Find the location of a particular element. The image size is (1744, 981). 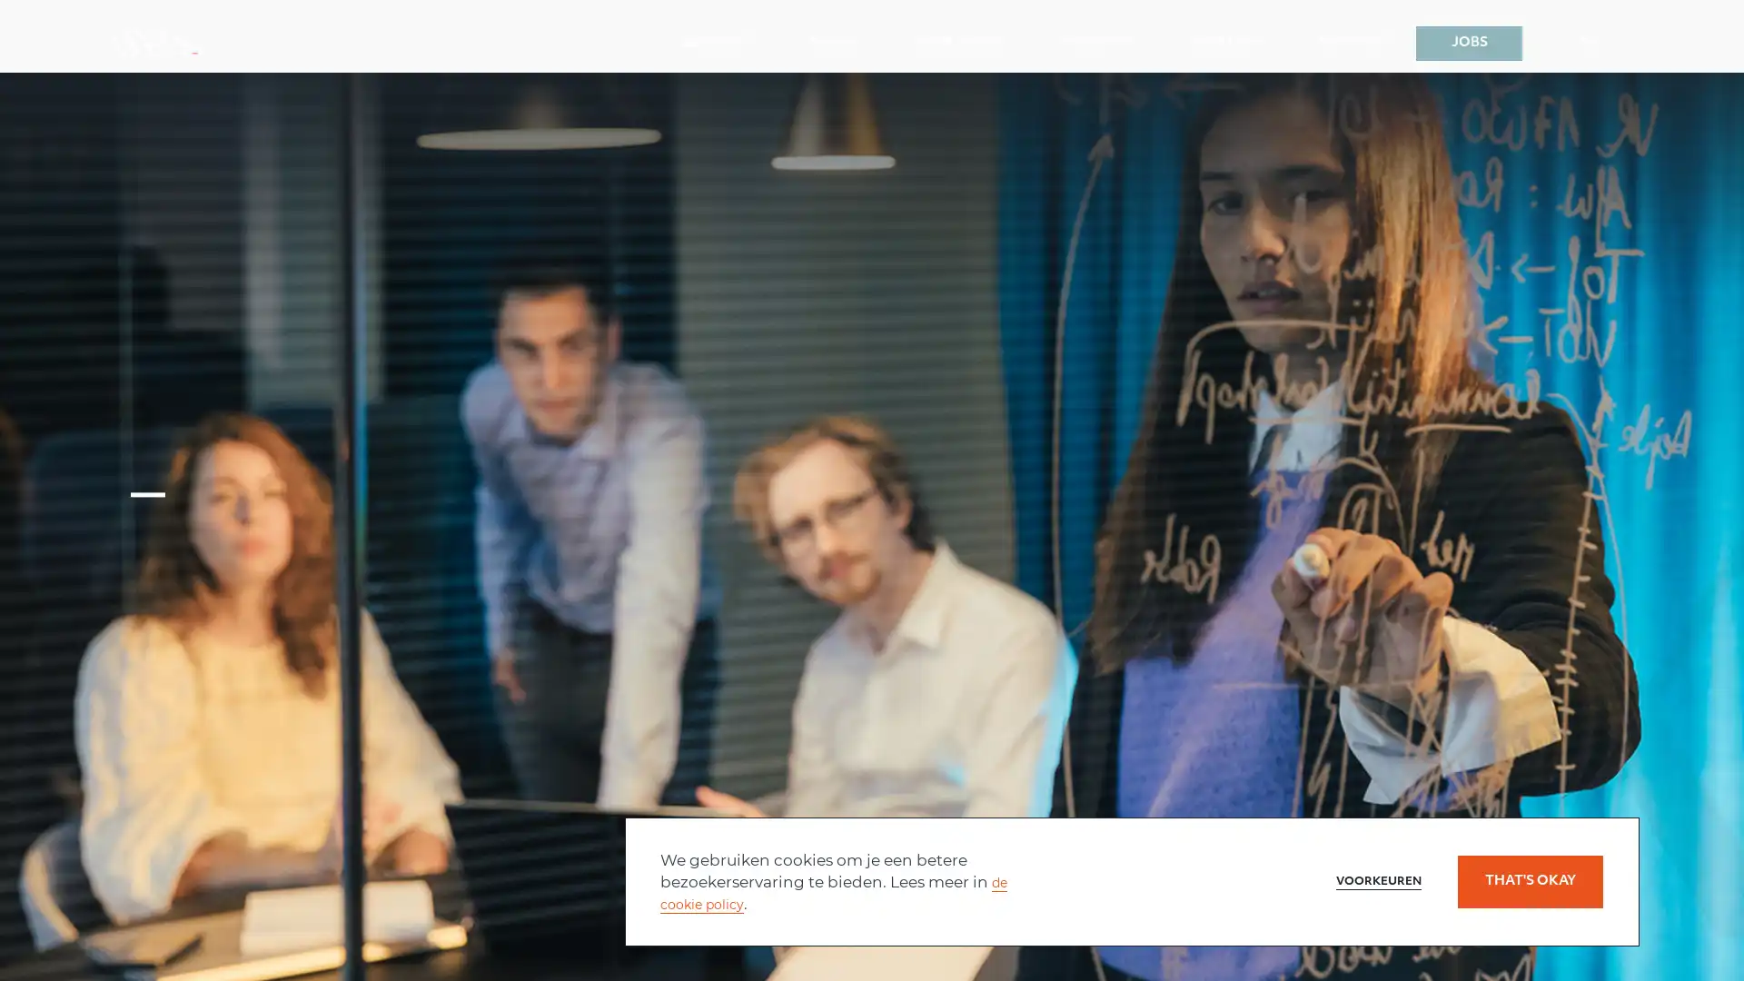

THAT'S OKAY THAT'SOKAY is located at coordinates (1529, 880).